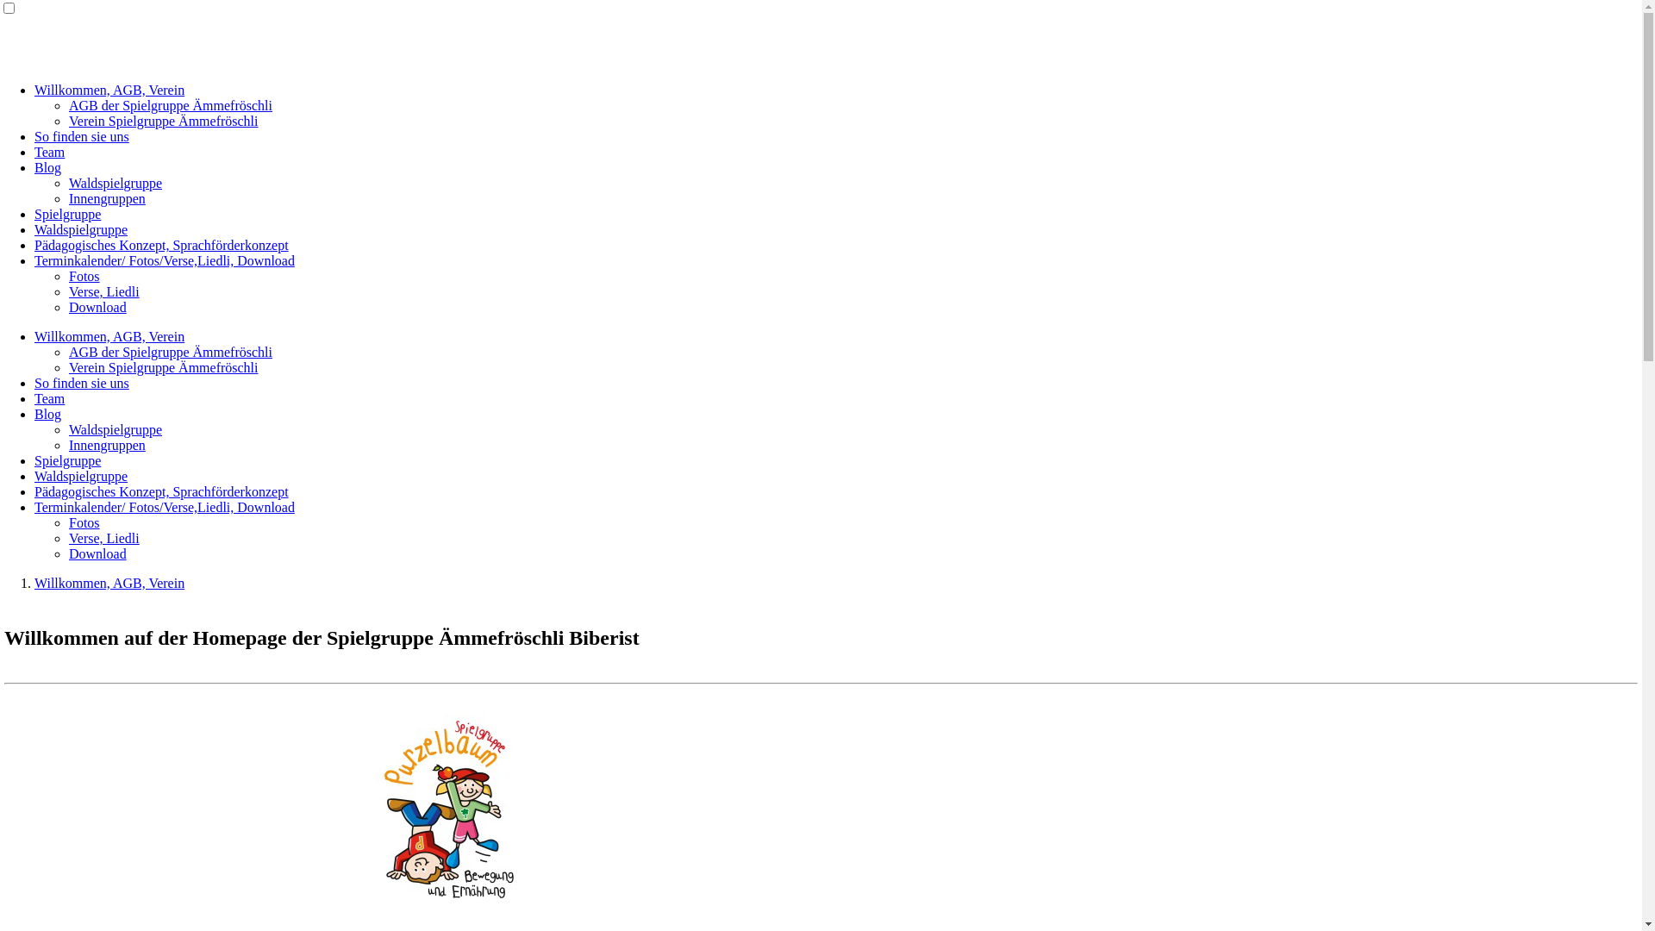 The image size is (1655, 931). I want to click on 'Spielgruppe', so click(67, 213).